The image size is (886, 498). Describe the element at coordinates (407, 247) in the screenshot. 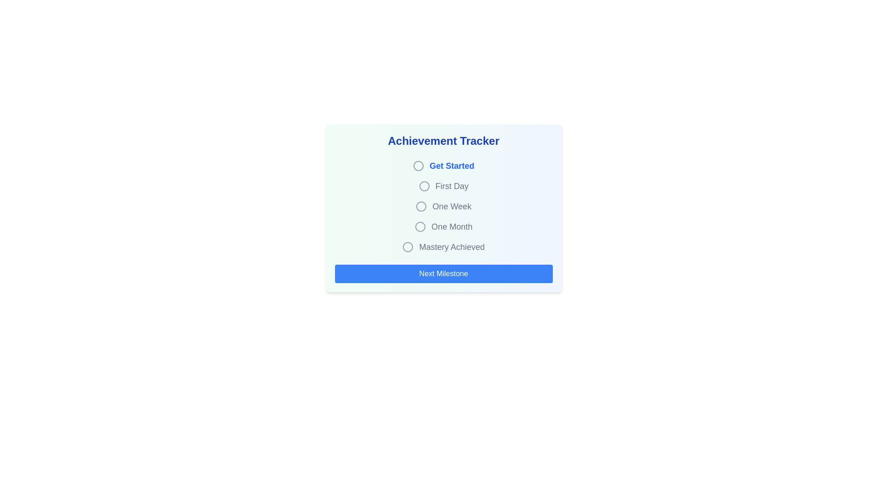

I see `the circular icon with a gray outline that resembles a radio button, located to the left of the 'Mastery Achieved' text label` at that location.